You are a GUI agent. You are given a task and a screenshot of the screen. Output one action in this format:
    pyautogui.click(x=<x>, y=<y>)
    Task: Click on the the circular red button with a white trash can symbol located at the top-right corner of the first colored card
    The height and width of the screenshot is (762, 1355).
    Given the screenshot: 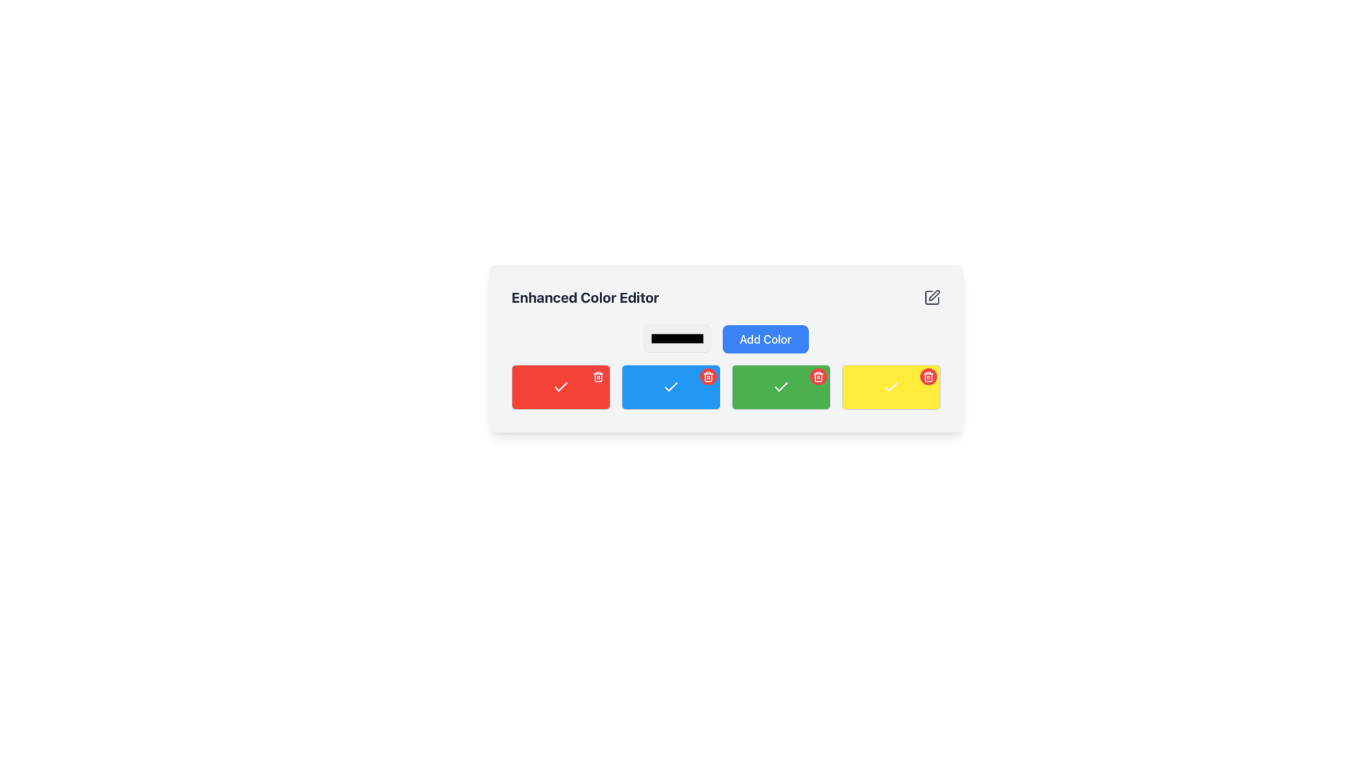 What is the action you would take?
    pyautogui.click(x=598, y=375)
    